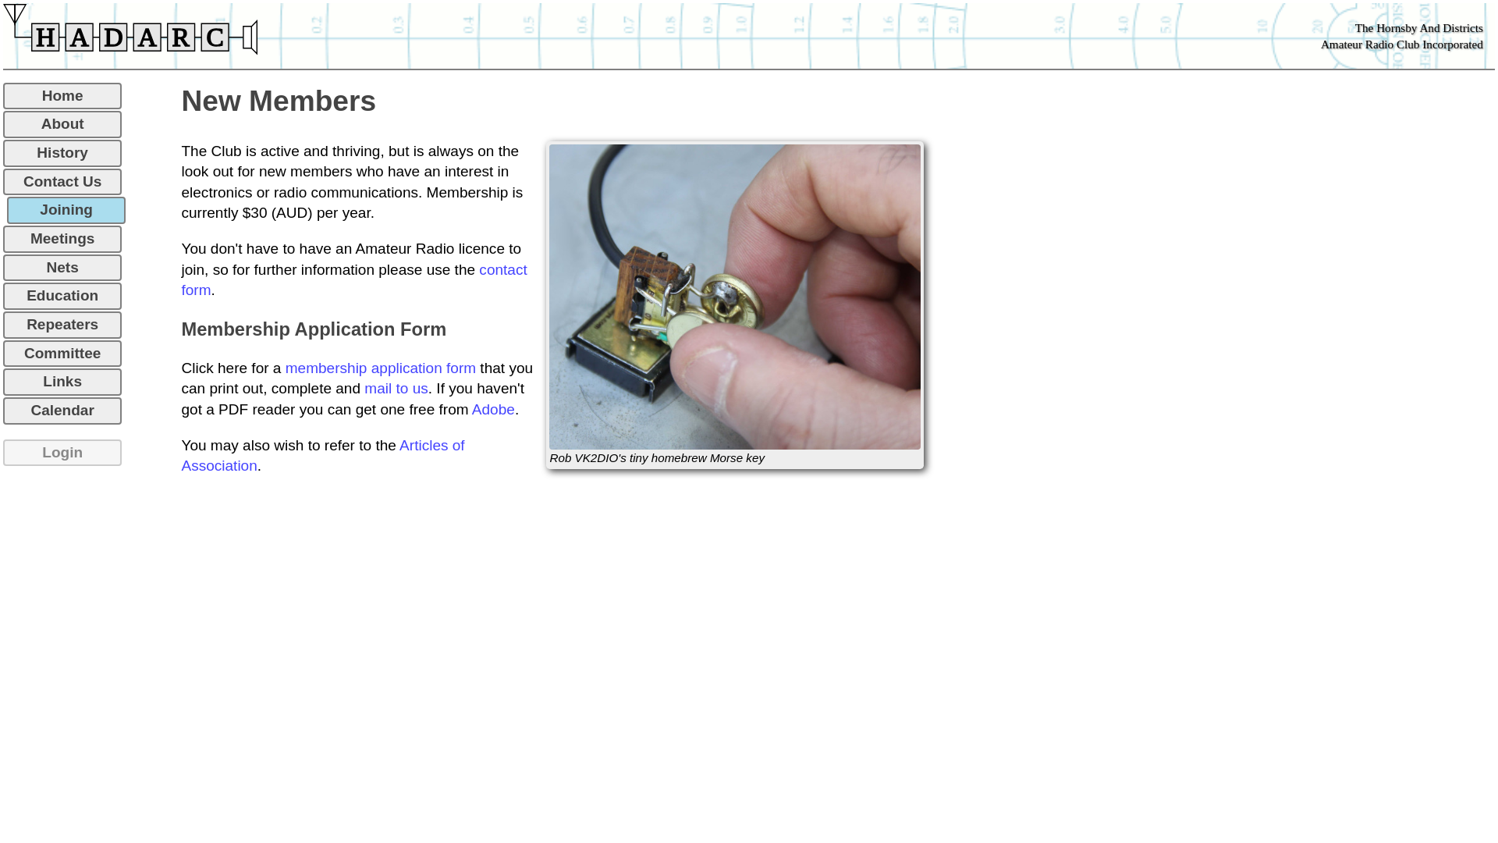 This screenshot has width=1498, height=843. Describe the element at coordinates (396, 387) in the screenshot. I see `'mail to us'` at that location.